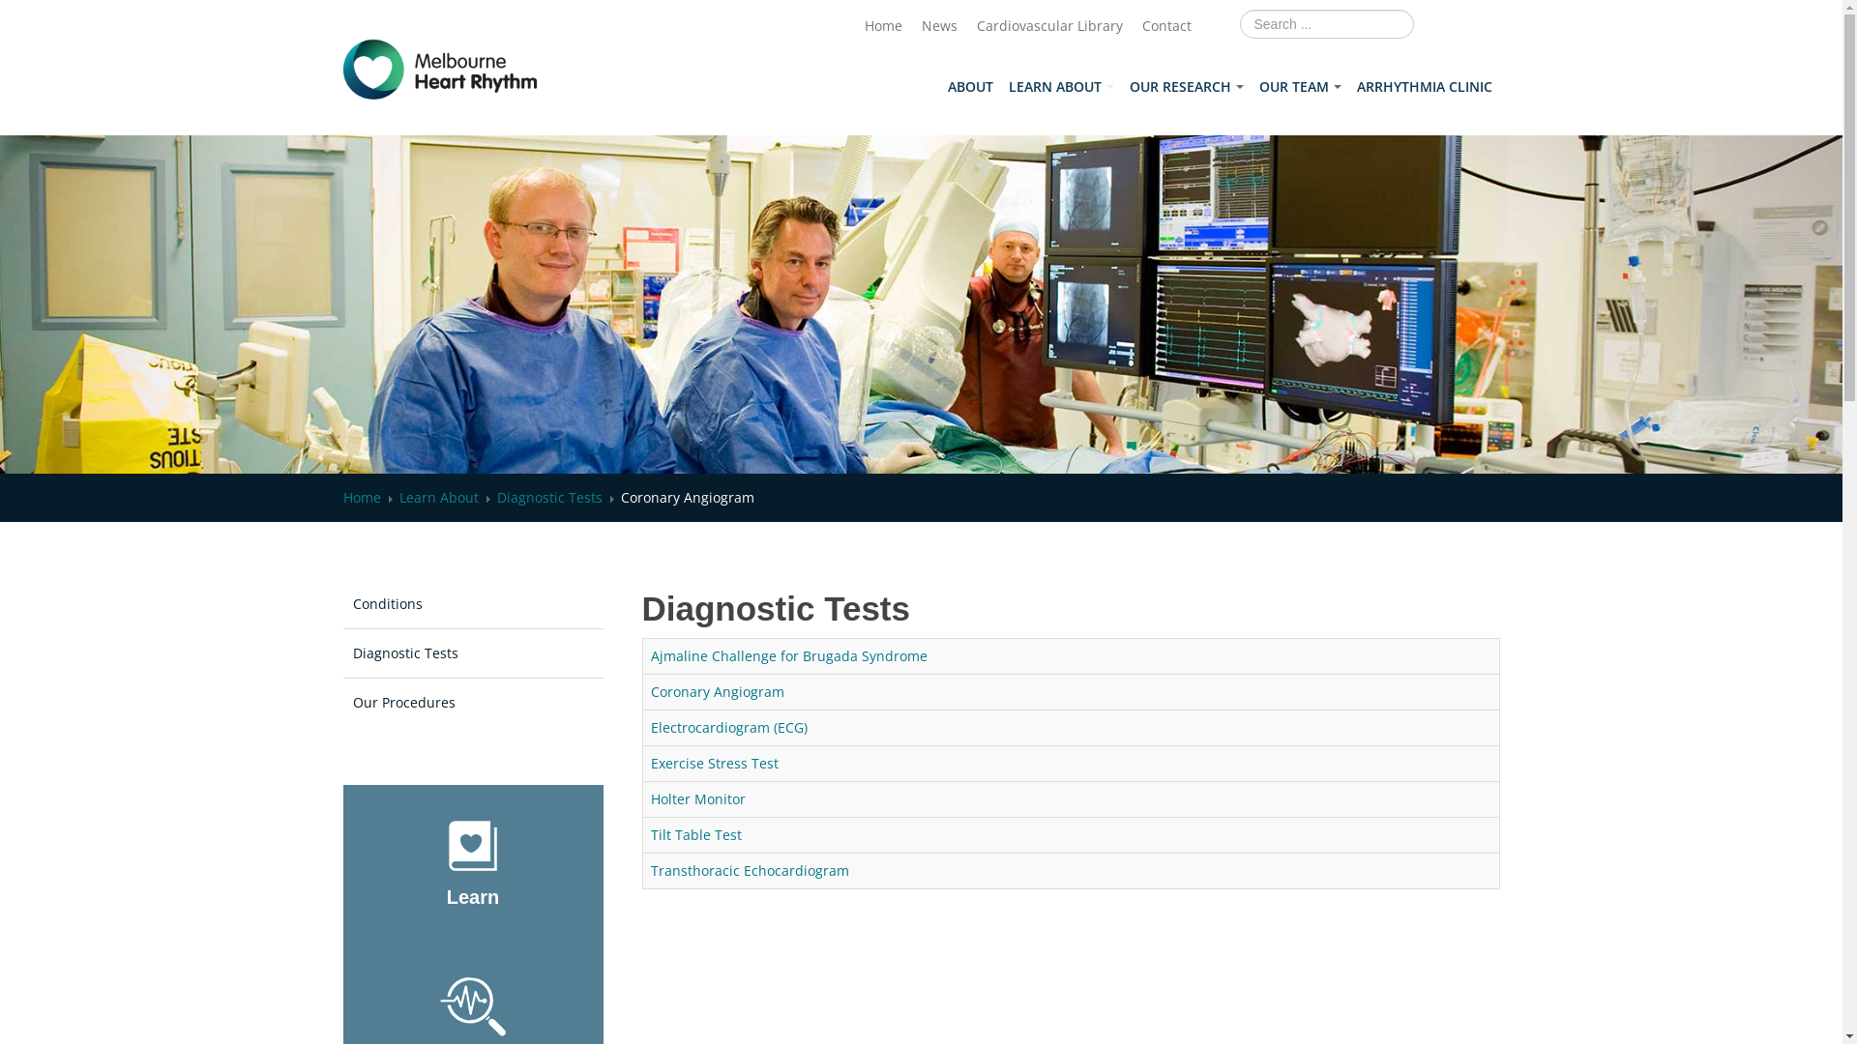  What do you see at coordinates (473, 897) in the screenshot?
I see `'Learn'` at bounding box center [473, 897].